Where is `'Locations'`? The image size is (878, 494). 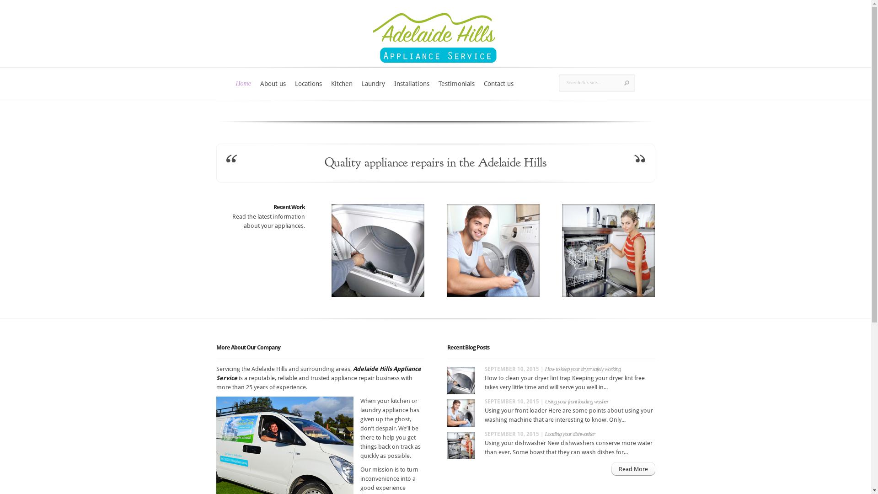
'Locations' is located at coordinates (308, 89).